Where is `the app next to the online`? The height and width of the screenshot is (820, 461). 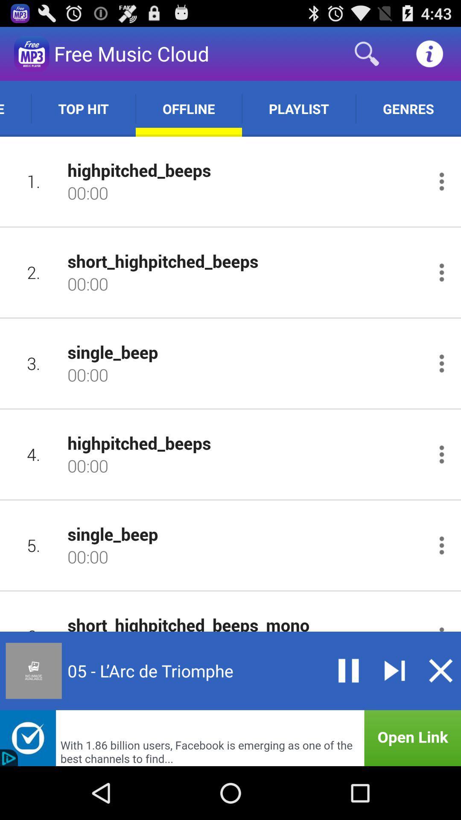 the app next to the online is located at coordinates (83, 108).